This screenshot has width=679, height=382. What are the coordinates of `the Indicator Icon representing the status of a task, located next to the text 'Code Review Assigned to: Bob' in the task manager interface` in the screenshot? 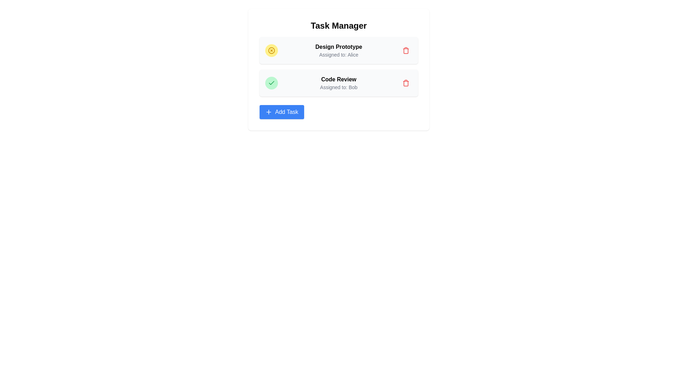 It's located at (271, 82).